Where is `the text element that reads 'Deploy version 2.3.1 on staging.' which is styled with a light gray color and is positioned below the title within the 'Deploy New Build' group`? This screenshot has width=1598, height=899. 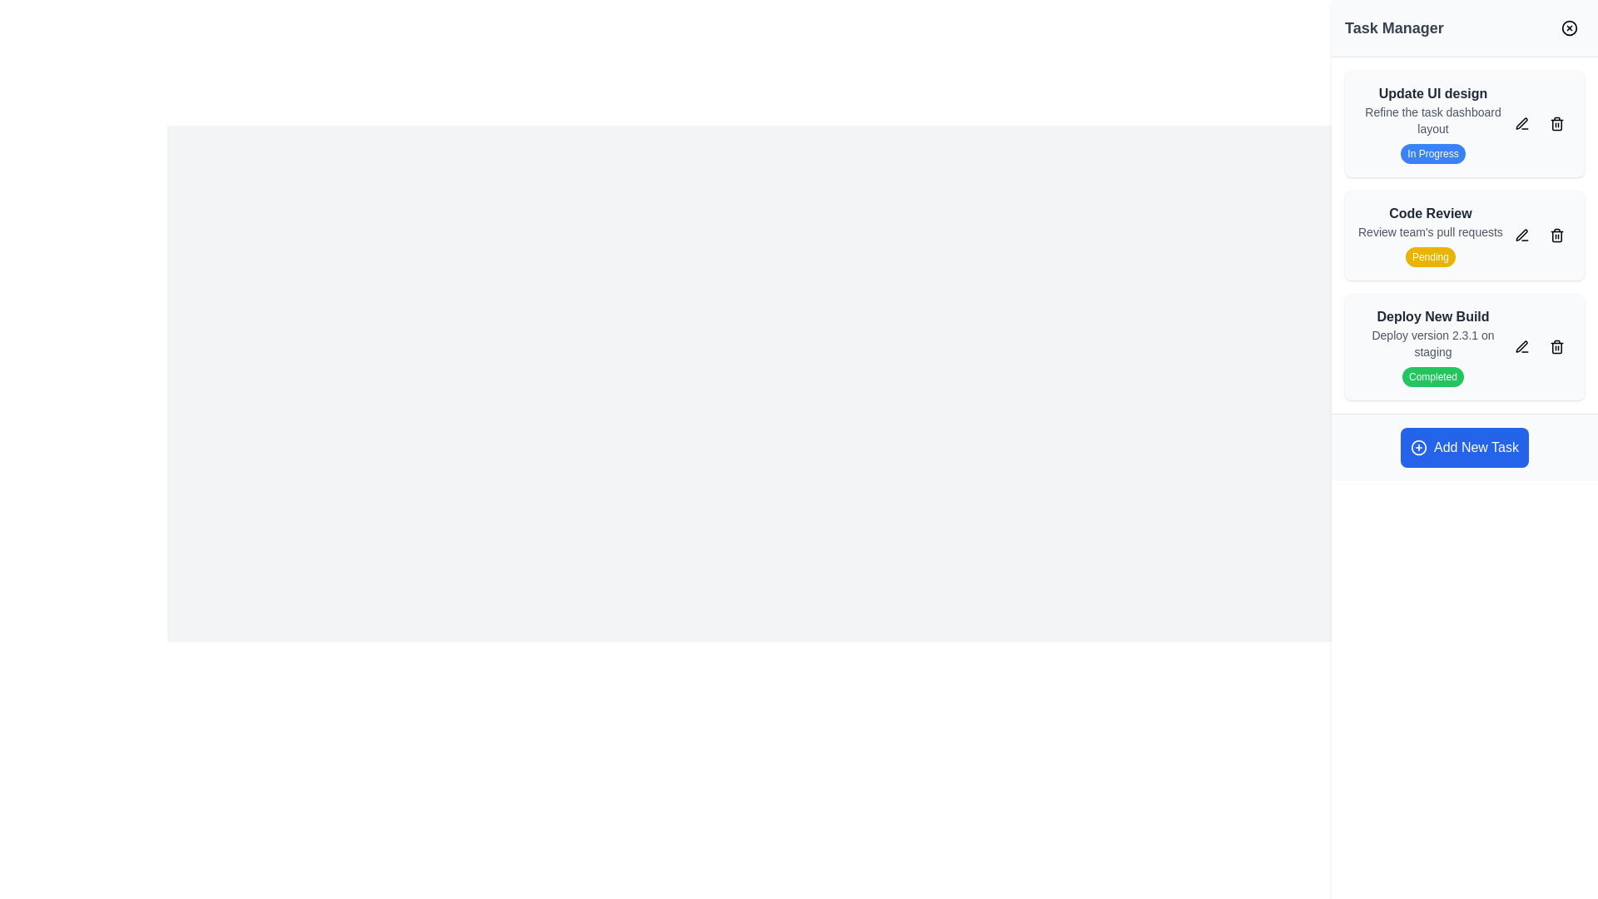 the text element that reads 'Deploy version 2.3.1 on staging.' which is styled with a light gray color and is positioned below the title within the 'Deploy New Build' group is located at coordinates (1432, 342).